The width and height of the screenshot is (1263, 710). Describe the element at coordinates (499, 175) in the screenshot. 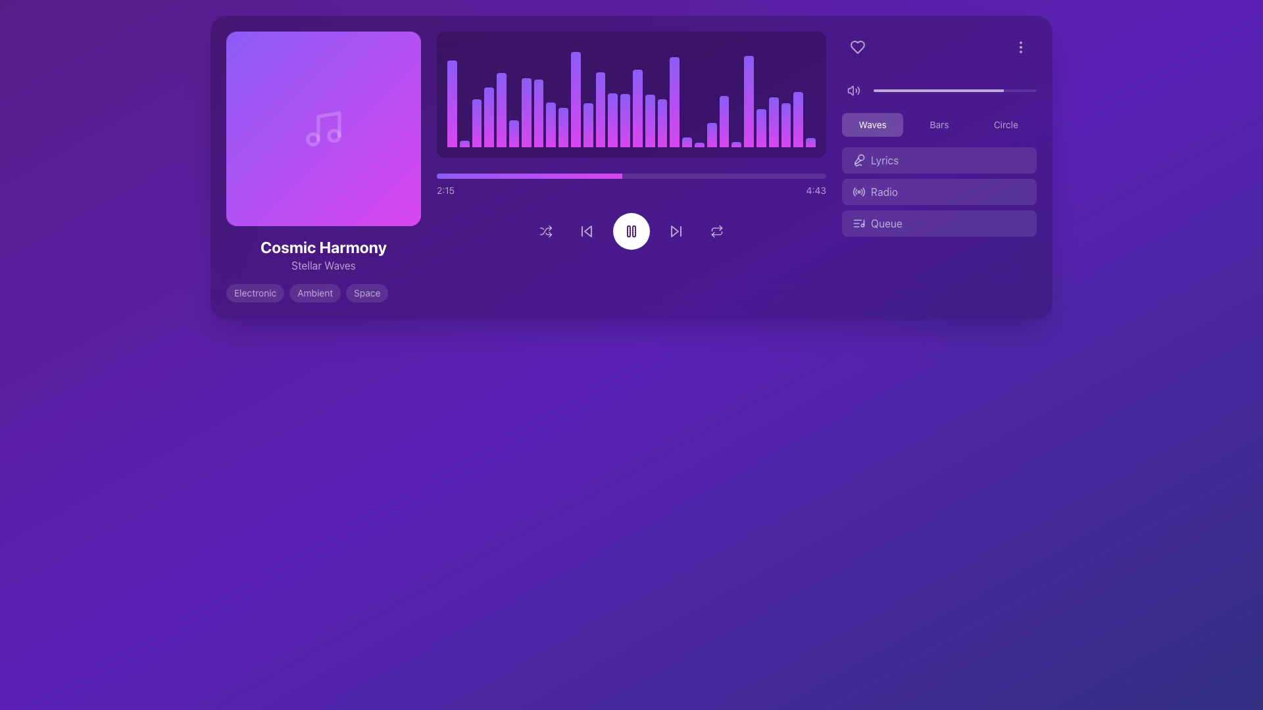

I see `the progress bar value` at that location.